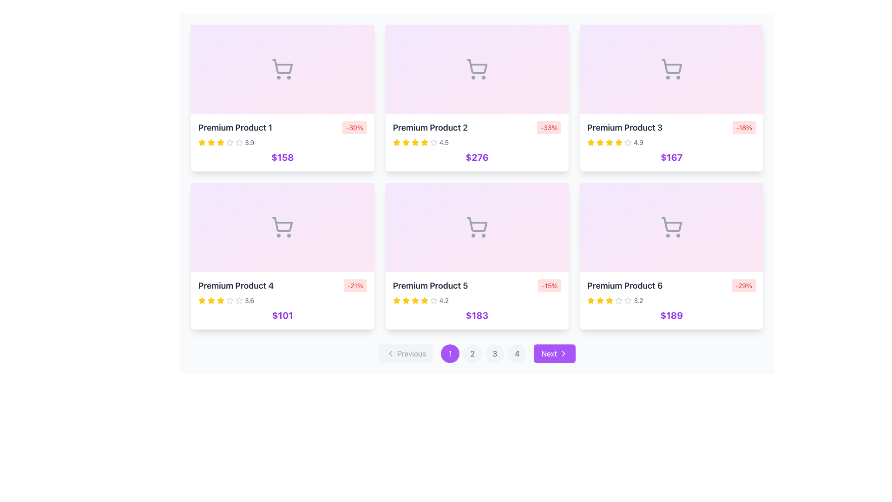 The height and width of the screenshot is (502, 892). Describe the element at coordinates (555, 353) in the screenshot. I see `the purple 'Next' button with rounded corners located at the bottom-right of the interface to change its background color to a darker shade` at that location.